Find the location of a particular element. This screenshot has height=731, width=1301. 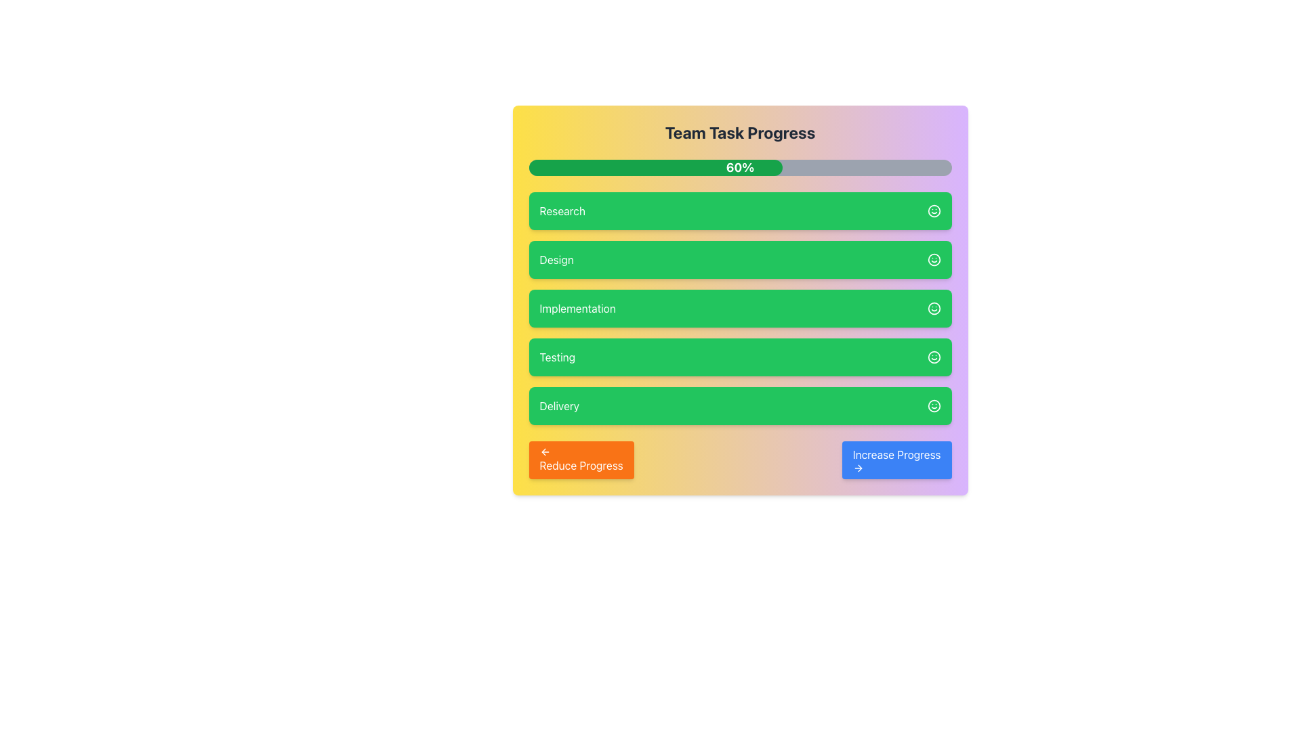

the leftward-pointing arrow icon located in the 'Reduce Progress' button, which is positioned to the left of the text label is located at coordinates (543, 451).